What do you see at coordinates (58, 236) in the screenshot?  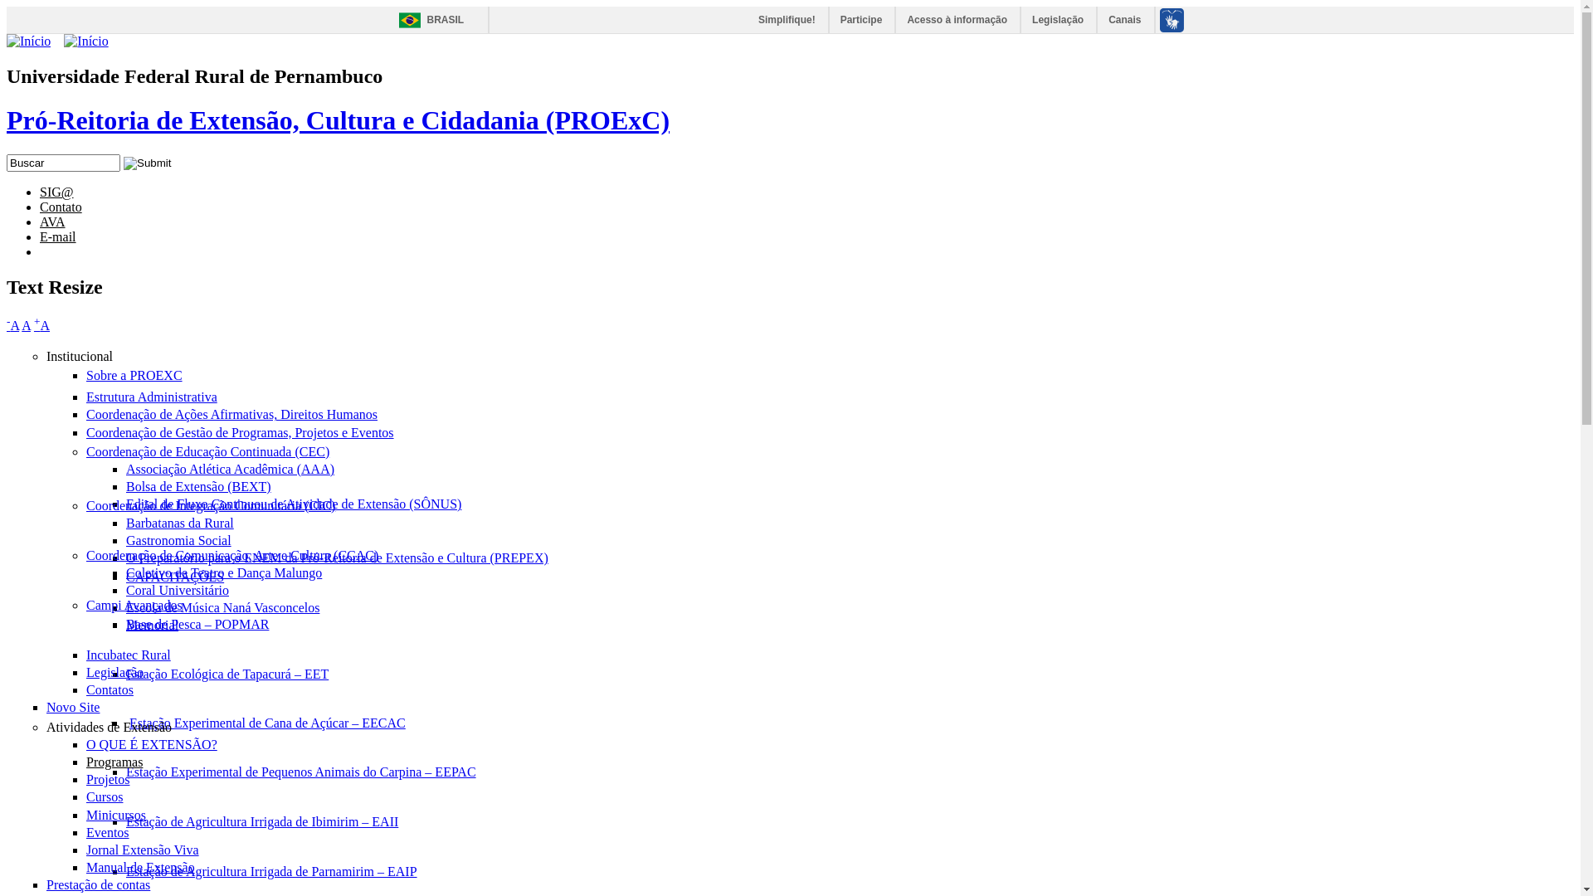 I see `'E-mail'` at bounding box center [58, 236].